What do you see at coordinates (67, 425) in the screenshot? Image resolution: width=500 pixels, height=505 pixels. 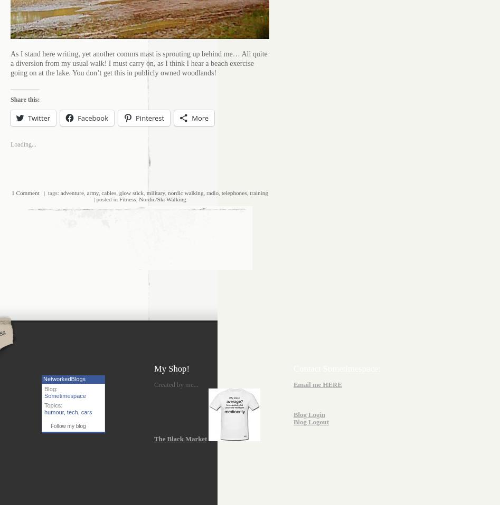 I see `'Follow my blog'` at bounding box center [67, 425].